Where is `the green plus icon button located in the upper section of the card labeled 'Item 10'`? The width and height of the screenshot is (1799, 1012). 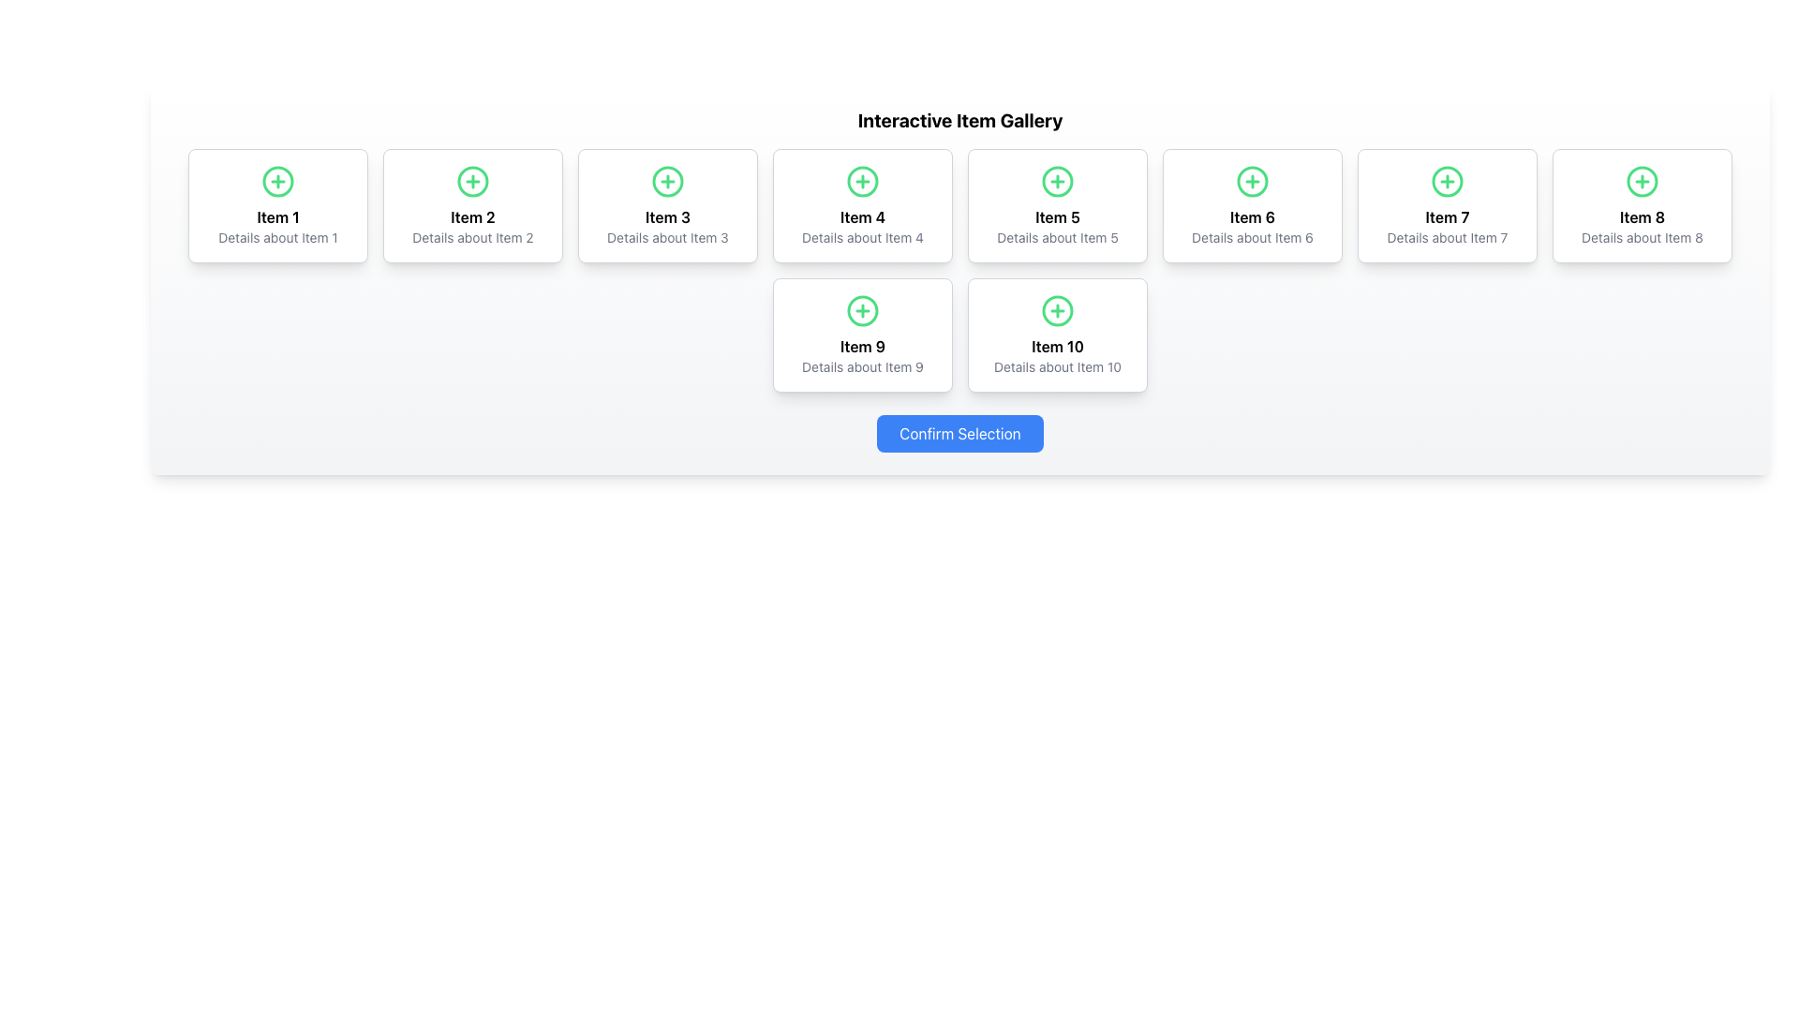
the green plus icon button located in the upper section of the card labeled 'Item 10' is located at coordinates (1057, 309).